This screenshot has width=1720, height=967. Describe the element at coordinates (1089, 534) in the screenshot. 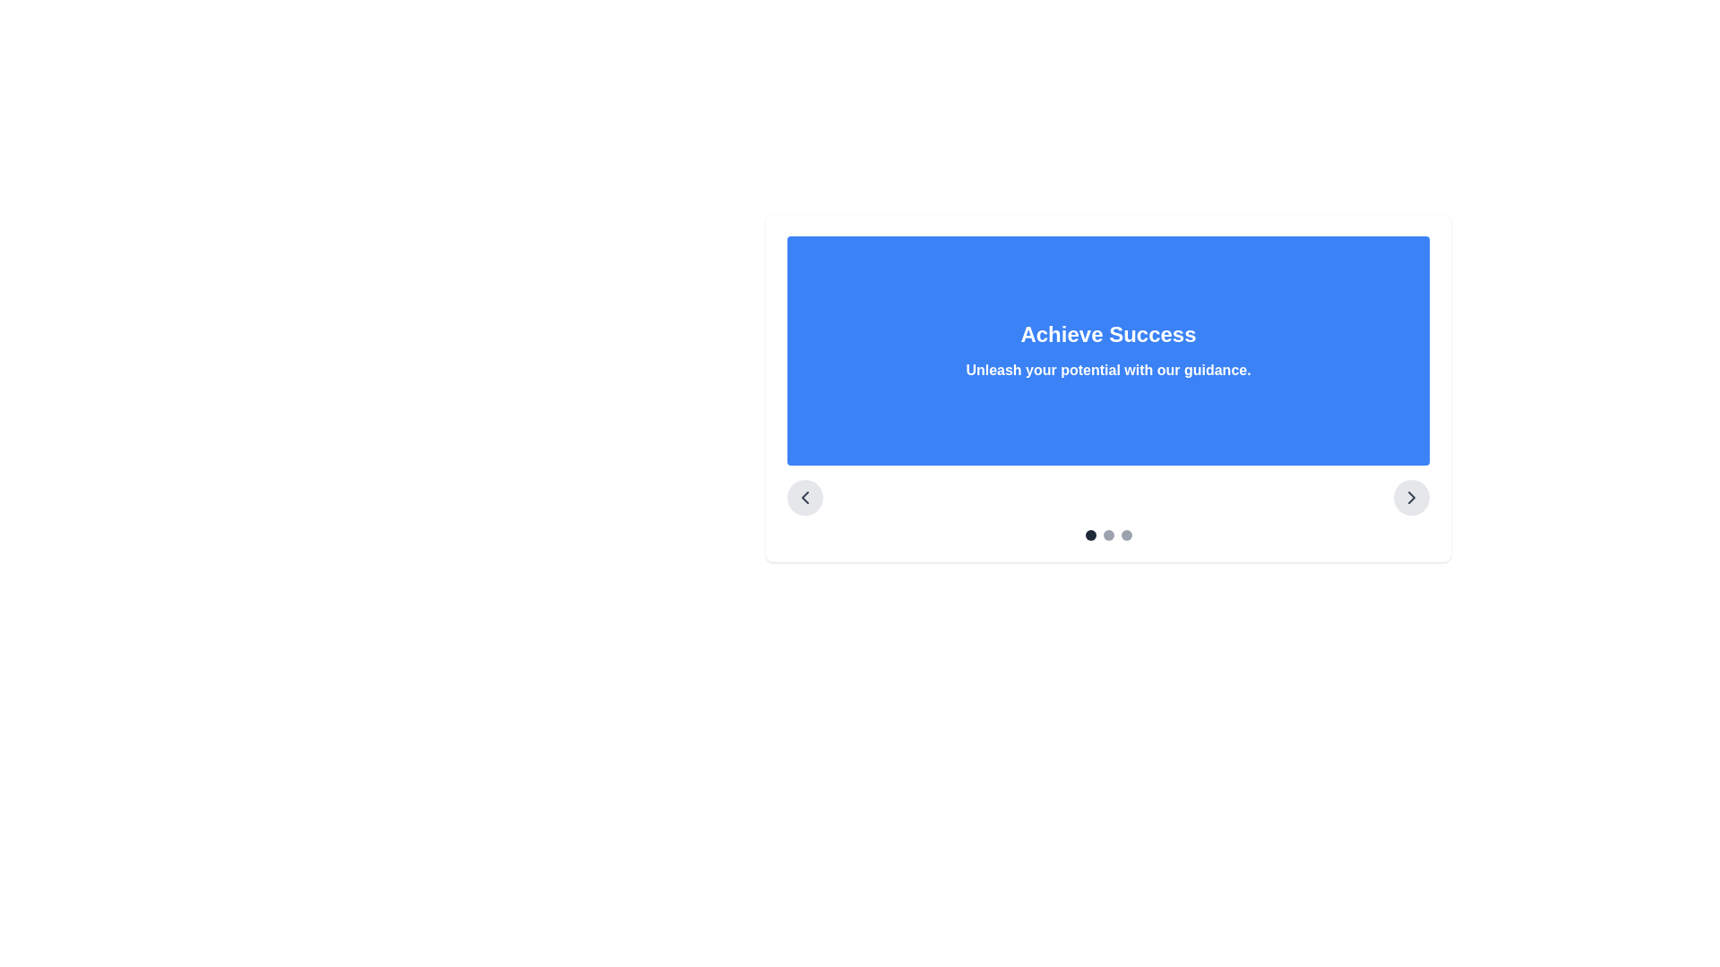

I see `the first circular navigation indicator of the carousel` at that location.